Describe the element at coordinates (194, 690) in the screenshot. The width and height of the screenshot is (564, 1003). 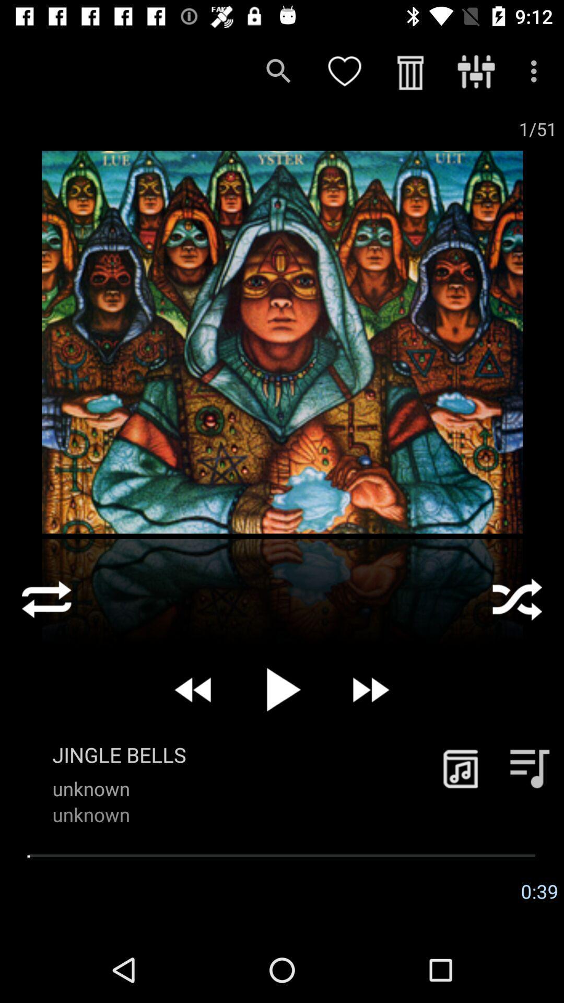
I see `the av_rewind icon` at that location.